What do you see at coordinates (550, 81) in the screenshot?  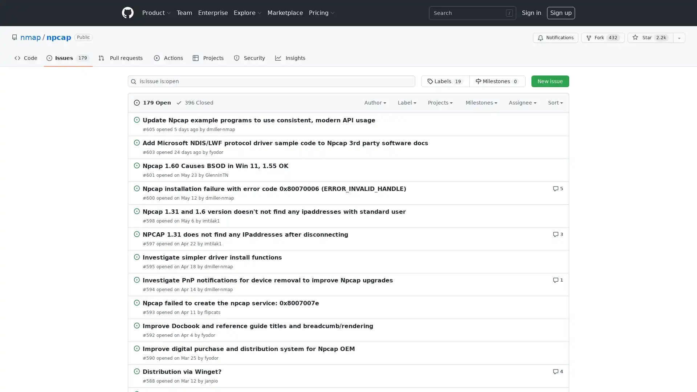 I see `New issue` at bounding box center [550, 81].